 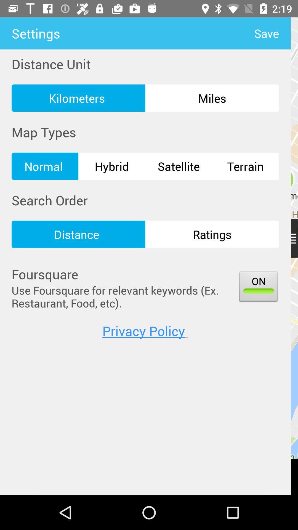 What do you see at coordinates (258, 287) in the screenshot?
I see `icon to the right of use foursquare for` at bounding box center [258, 287].